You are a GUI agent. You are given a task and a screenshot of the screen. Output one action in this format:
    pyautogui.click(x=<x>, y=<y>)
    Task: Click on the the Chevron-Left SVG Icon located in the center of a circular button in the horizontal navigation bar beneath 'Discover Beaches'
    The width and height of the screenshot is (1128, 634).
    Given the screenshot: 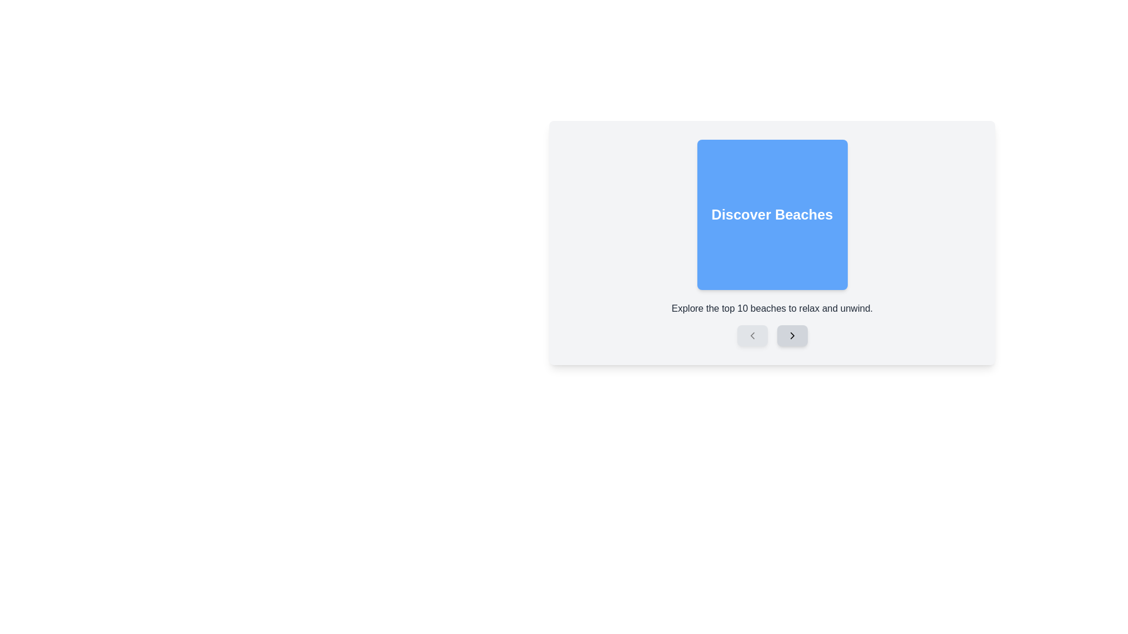 What is the action you would take?
    pyautogui.click(x=752, y=335)
    